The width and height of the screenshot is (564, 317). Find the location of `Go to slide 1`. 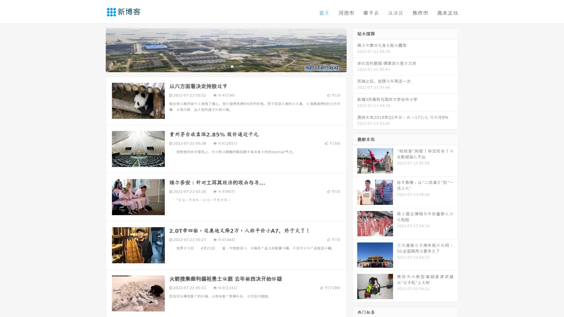

Go to slide 1 is located at coordinates (220, 66).